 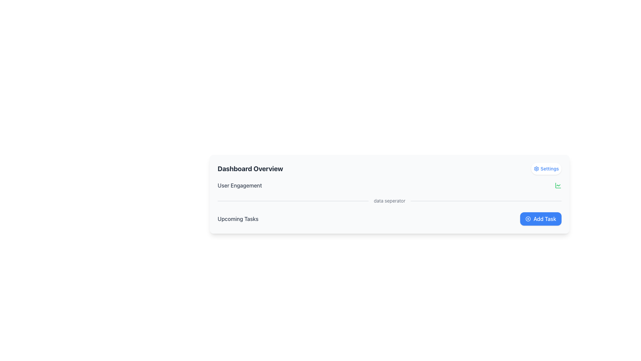 I want to click on the 'Settings' button with a blue font and a gear icon, so click(x=546, y=168).